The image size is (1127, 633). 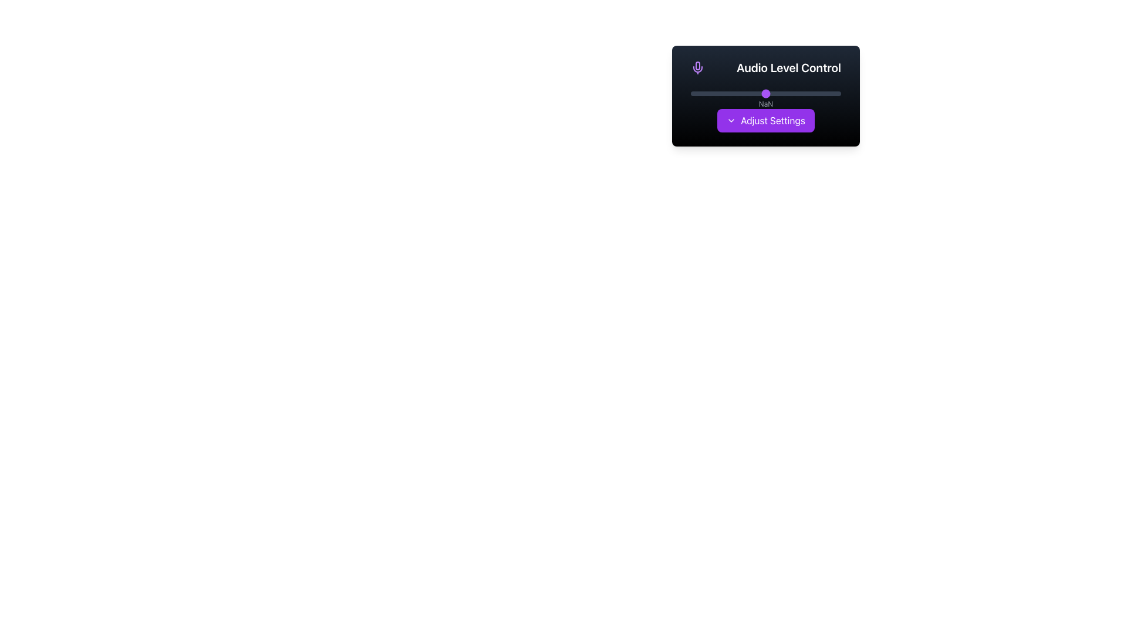 What do you see at coordinates (698, 67) in the screenshot?
I see `the details of the microphone icon located at the top-left corner of the 'Audio Level Control' section, adjacent to the title text` at bounding box center [698, 67].